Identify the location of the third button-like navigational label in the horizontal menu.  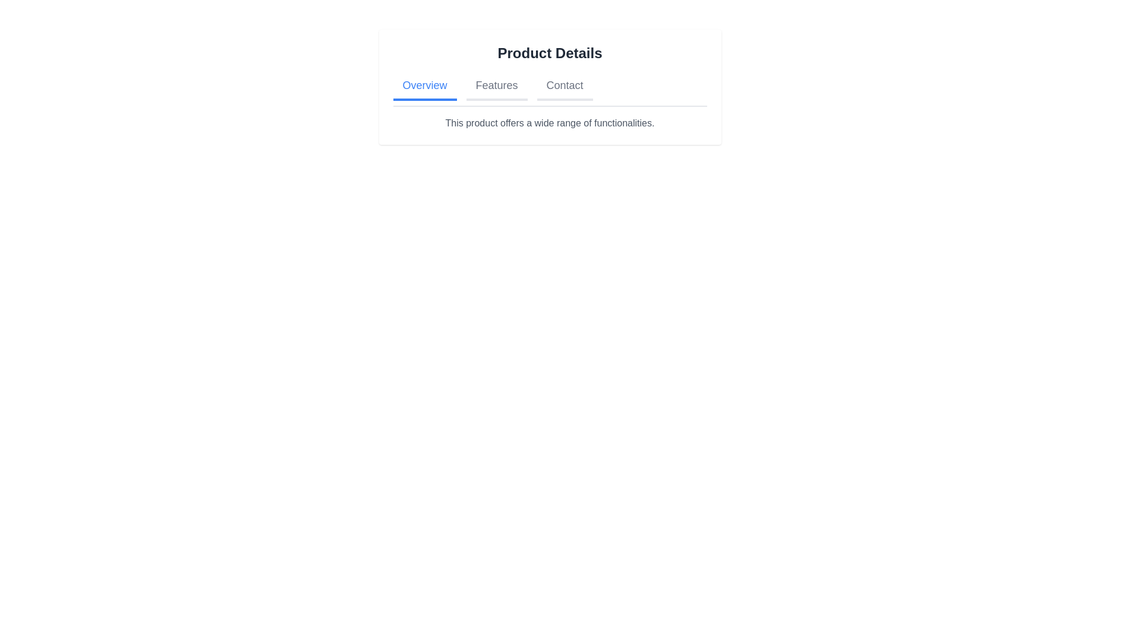
(564, 86).